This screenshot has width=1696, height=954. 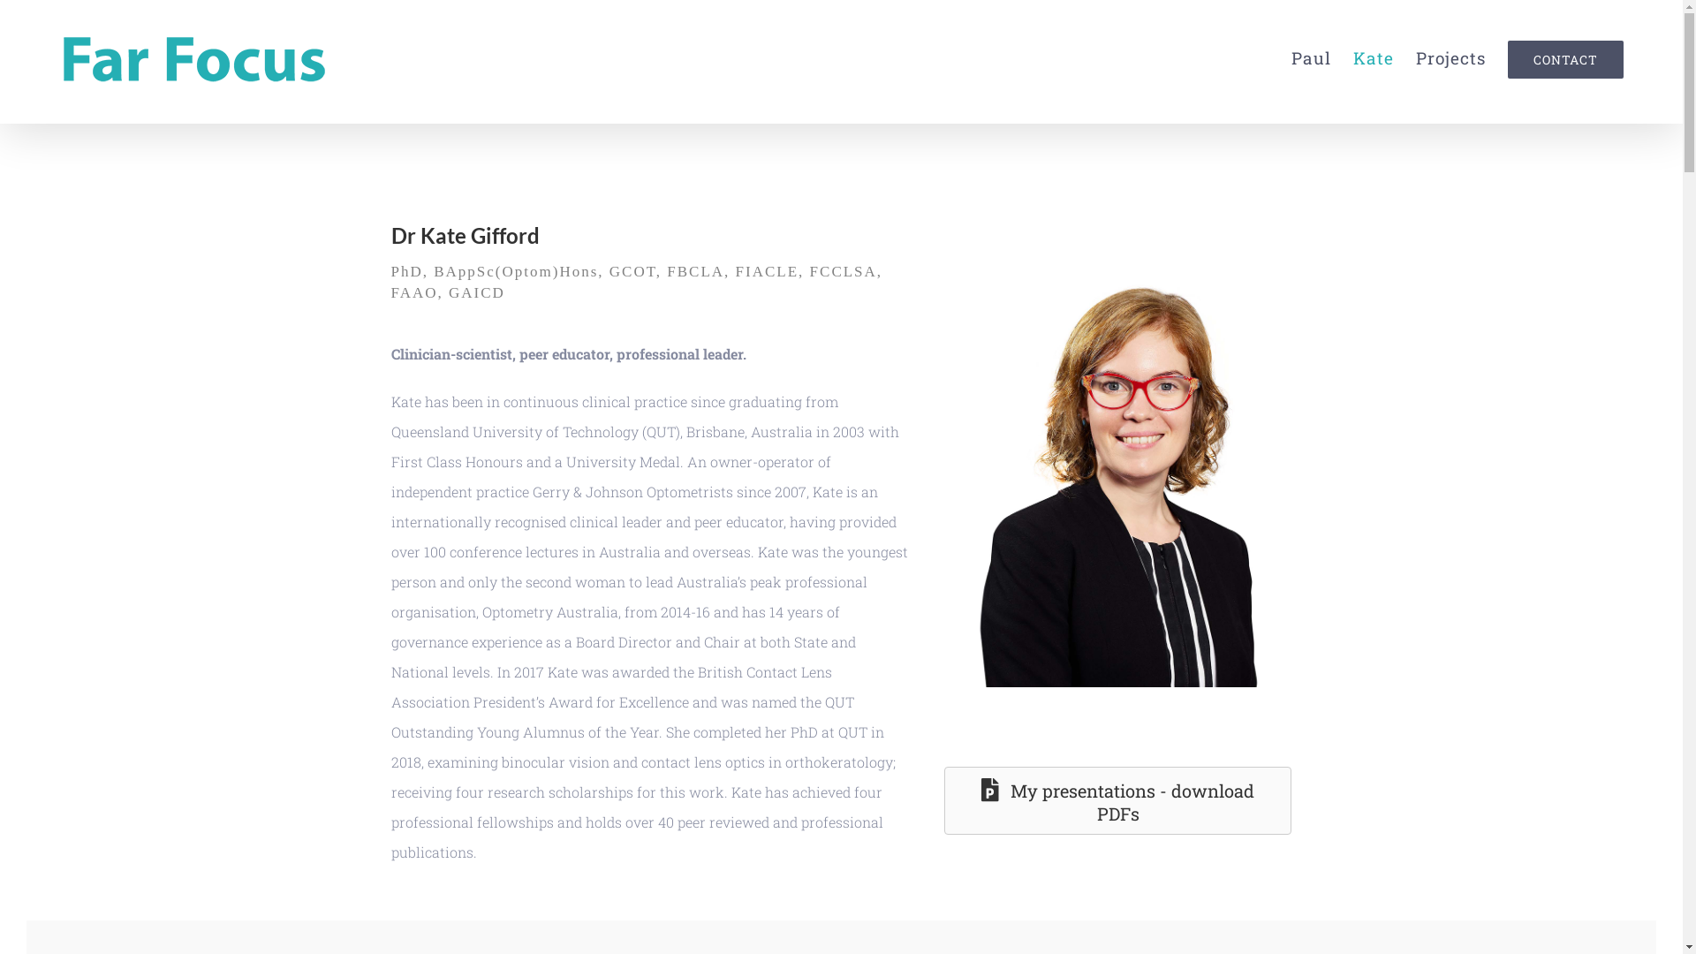 I want to click on 'Paul', so click(x=1311, y=57).